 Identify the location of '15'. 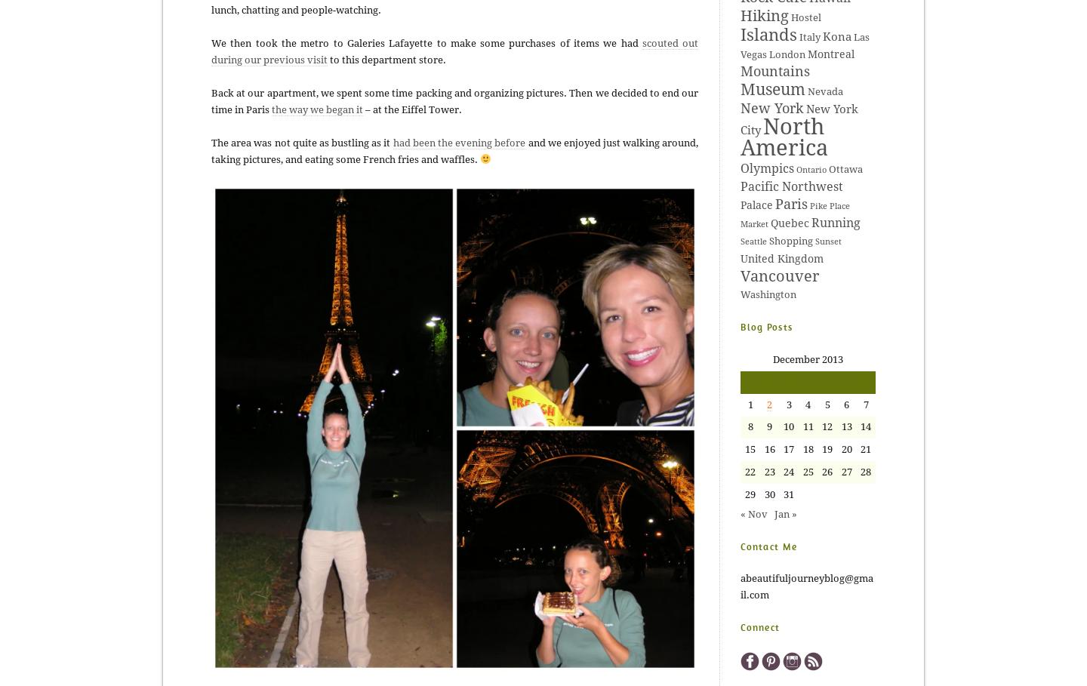
(750, 449).